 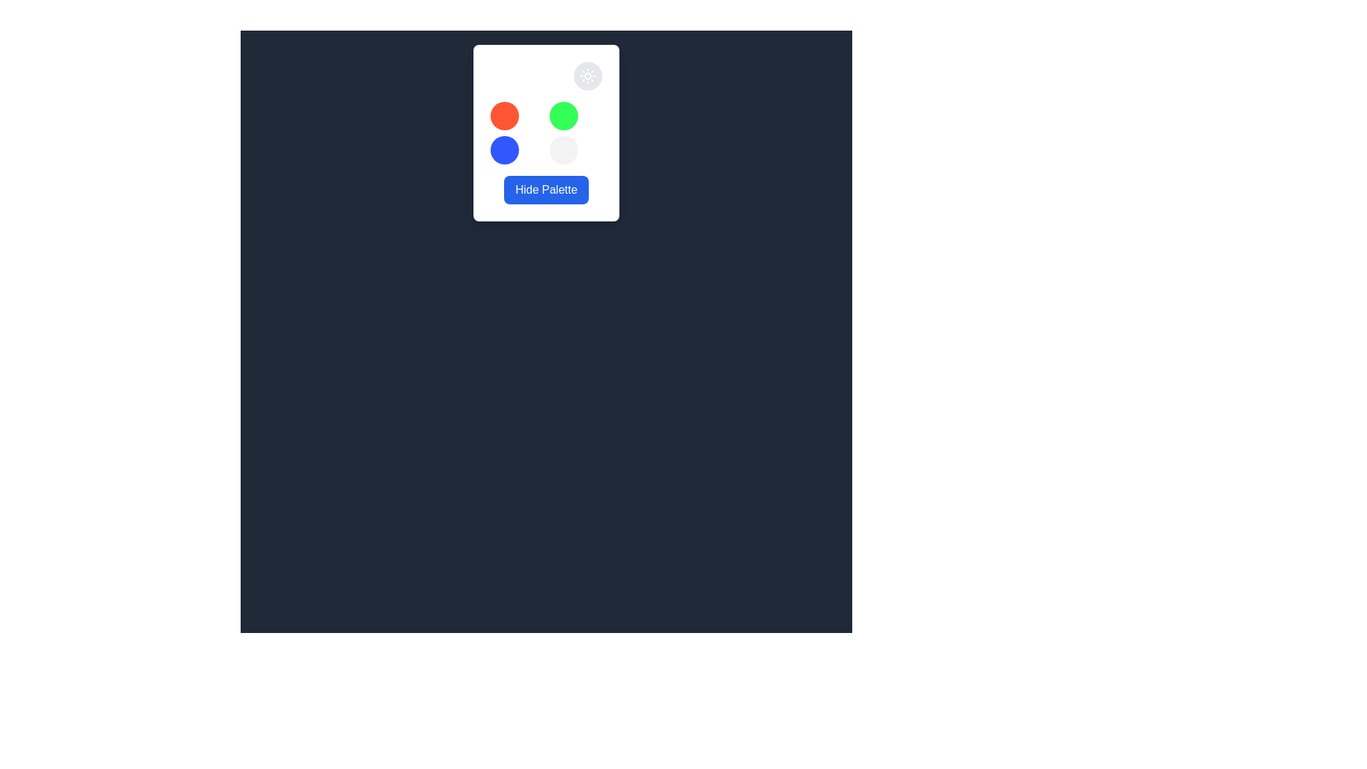 What do you see at coordinates (505, 150) in the screenshot?
I see `the circular indicator with a blue background located in the bottom-left position of a grid layout consisting of four circular items` at bounding box center [505, 150].